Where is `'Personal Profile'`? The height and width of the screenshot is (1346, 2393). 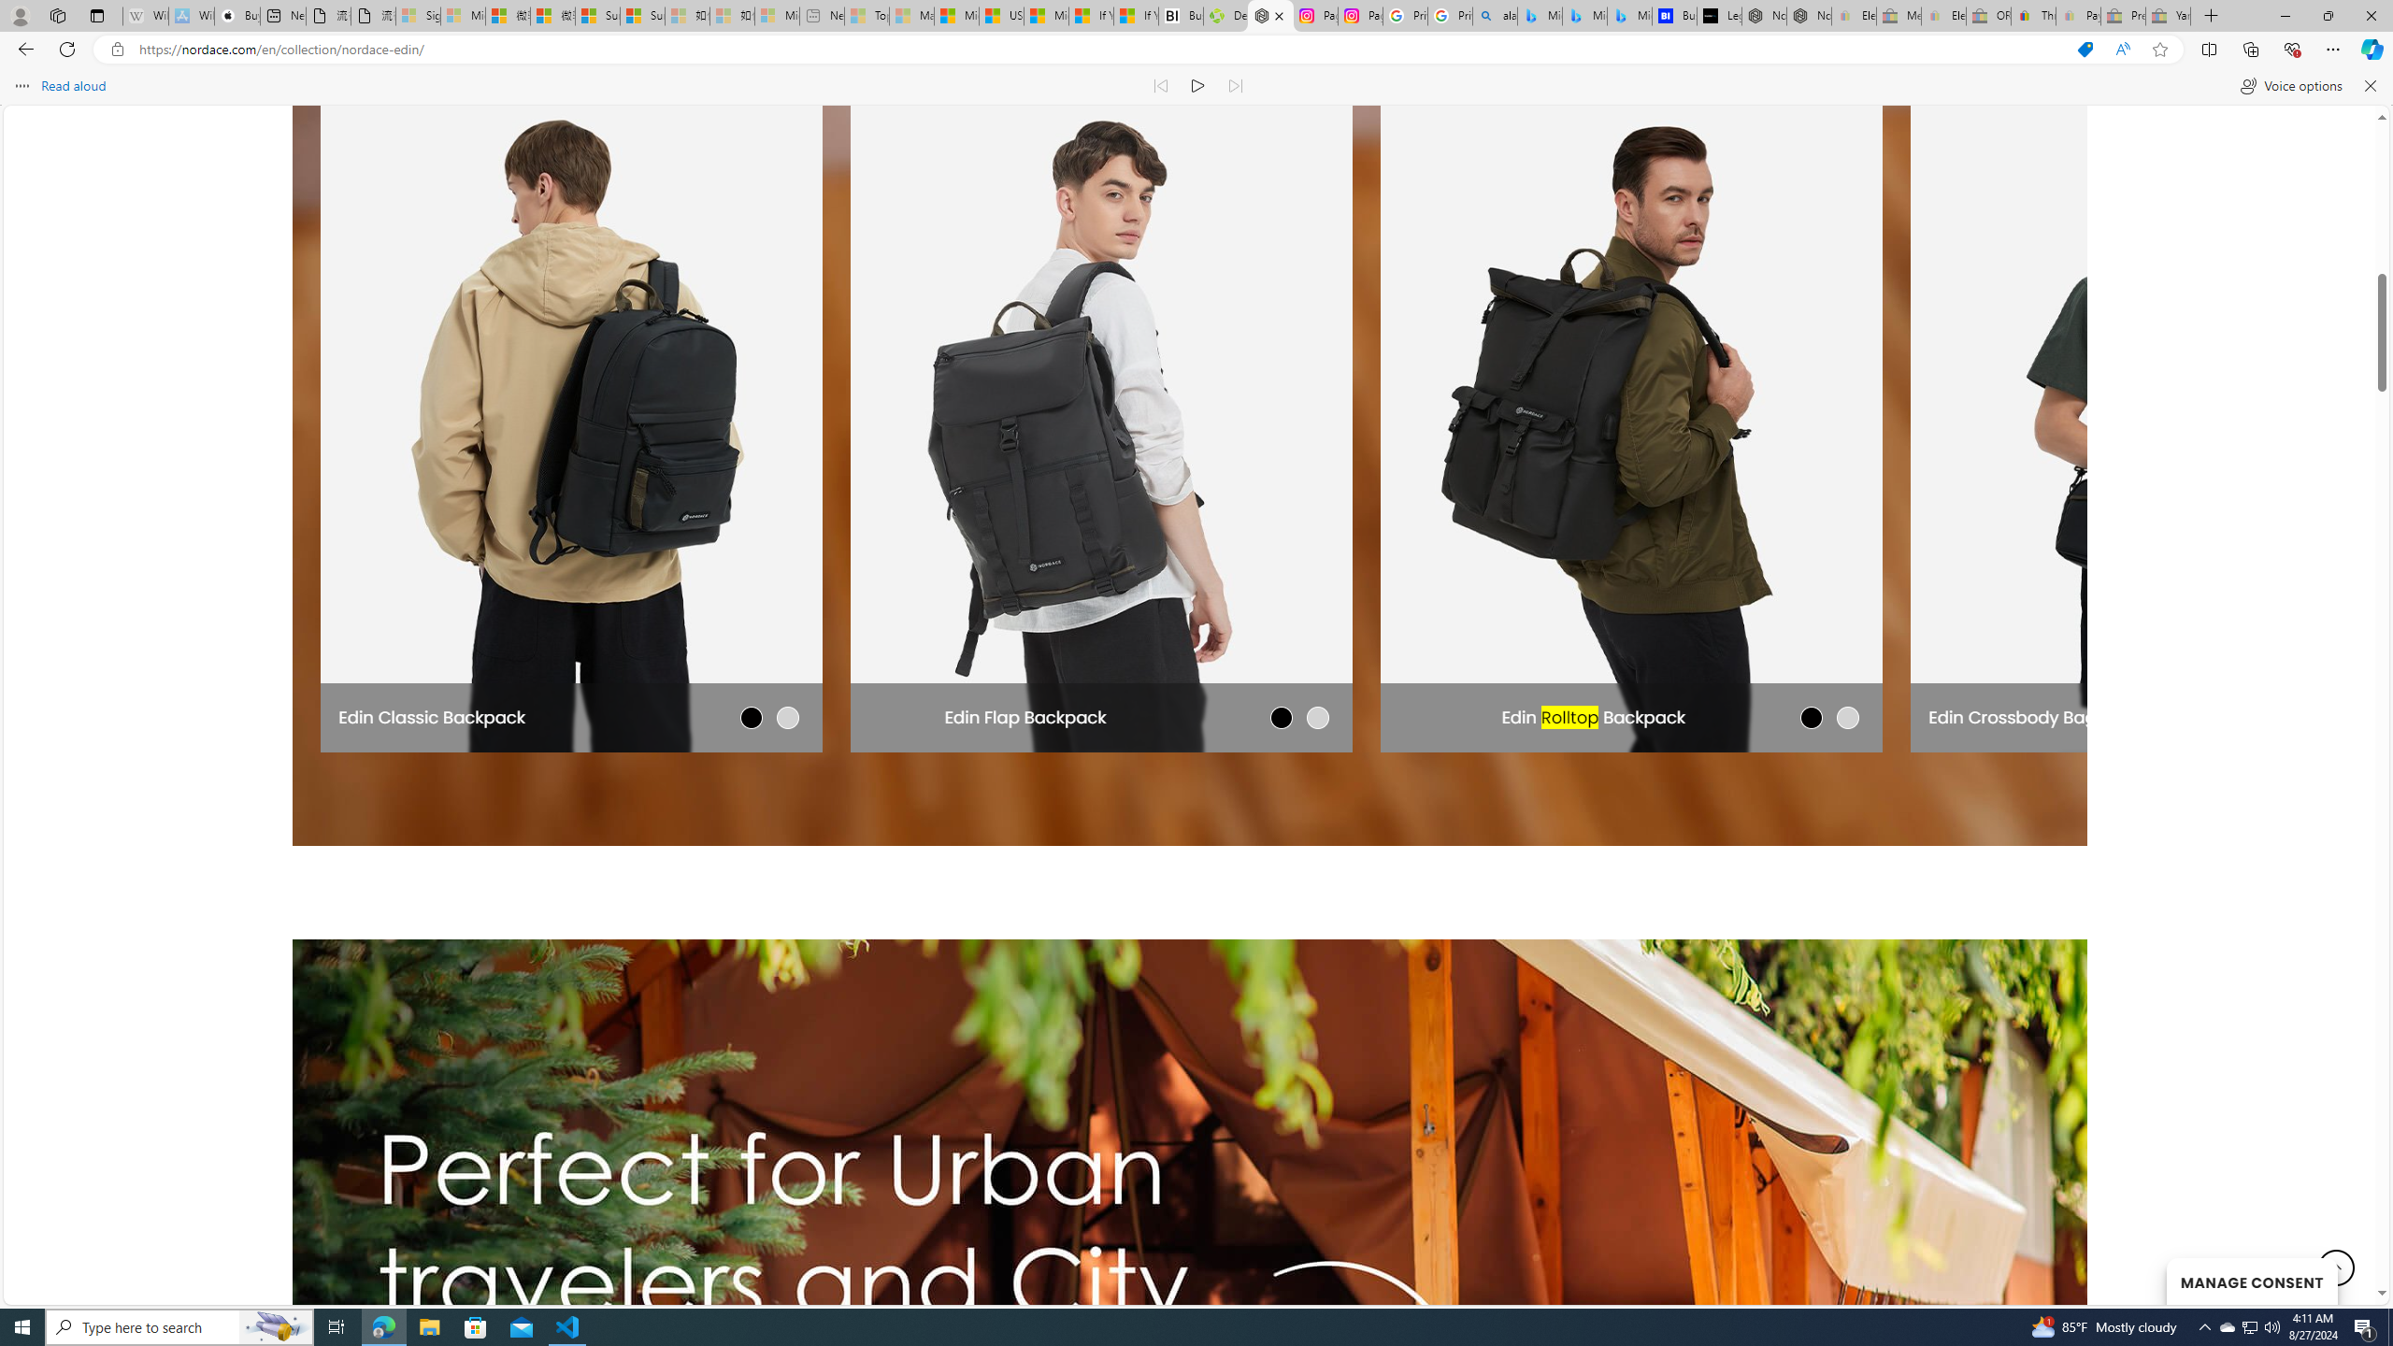
'Personal Profile' is located at coordinates (19, 15).